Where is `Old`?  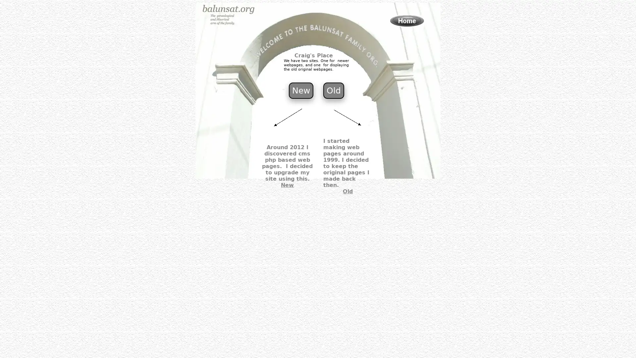 Old is located at coordinates (333, 90).